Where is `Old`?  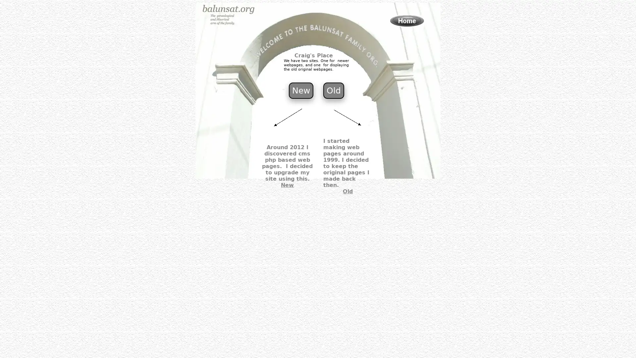 Old is located at coordinates (333, 90).